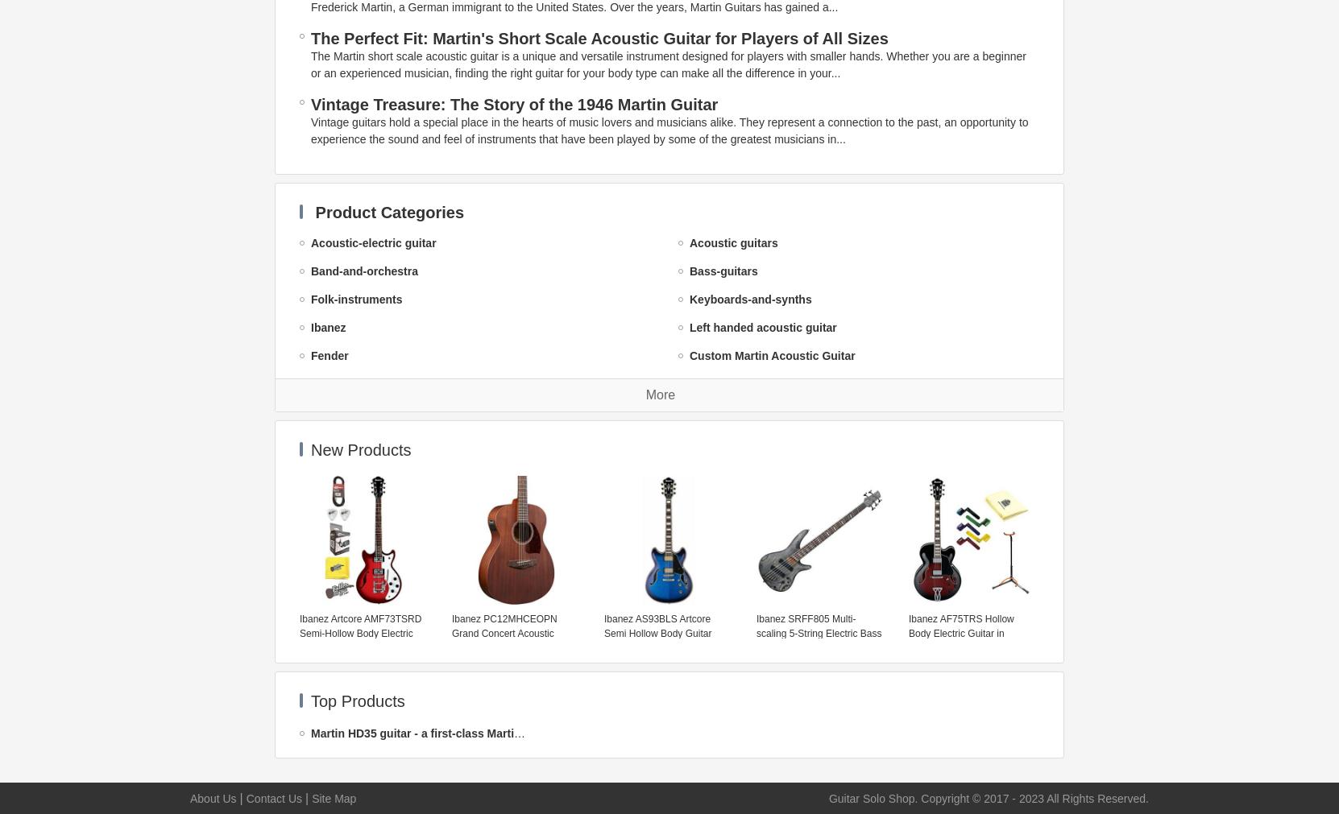 The width and height of the screenshot is (1339, 814). I want to click on 'Godin Guitar', so click(310, 497).